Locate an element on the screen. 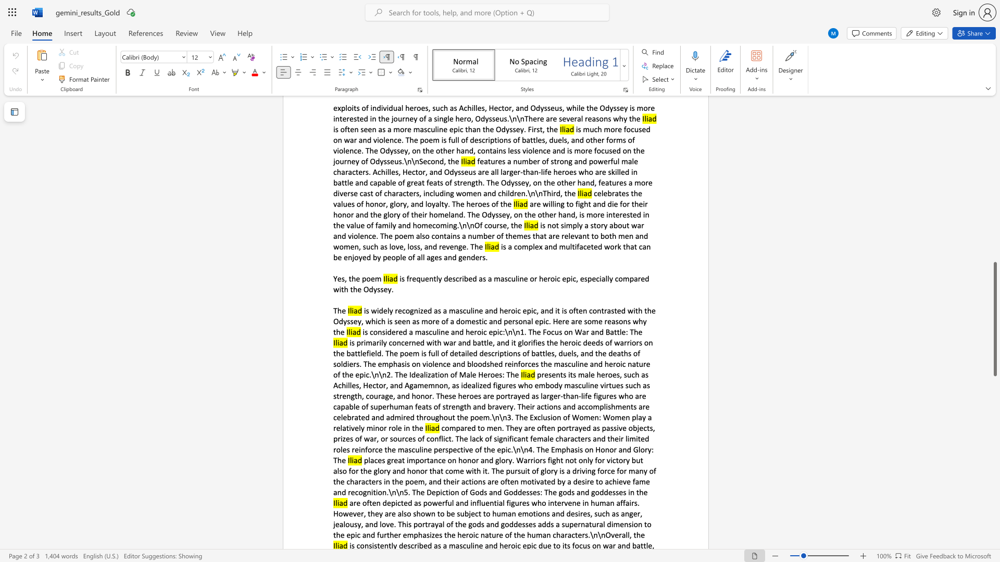 The image size is (1000, 562). the scrollbar to scroll the page up is located at coordinates (994, 249).